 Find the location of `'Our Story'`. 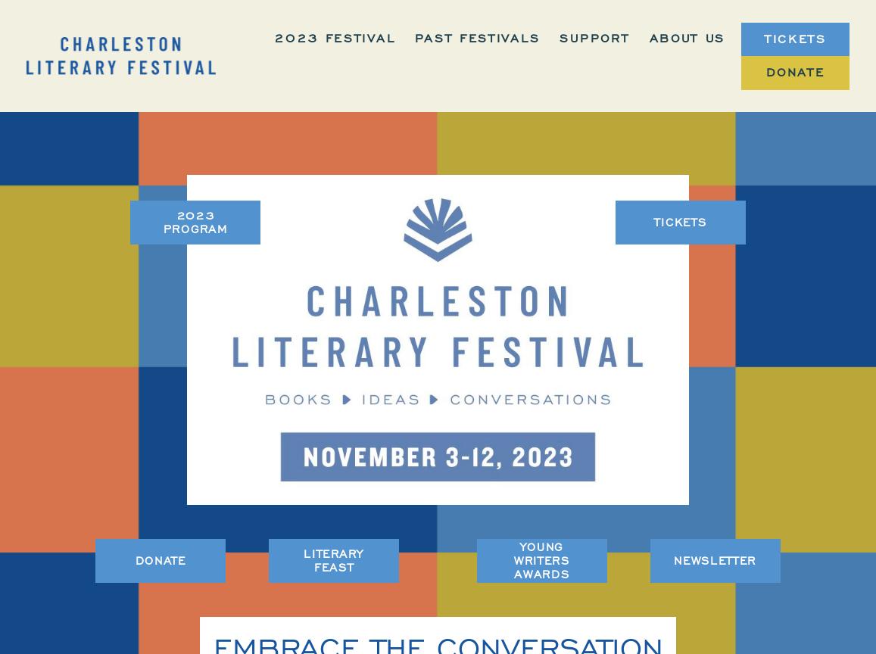

'Our Story' is located at coordinates (681, 110).